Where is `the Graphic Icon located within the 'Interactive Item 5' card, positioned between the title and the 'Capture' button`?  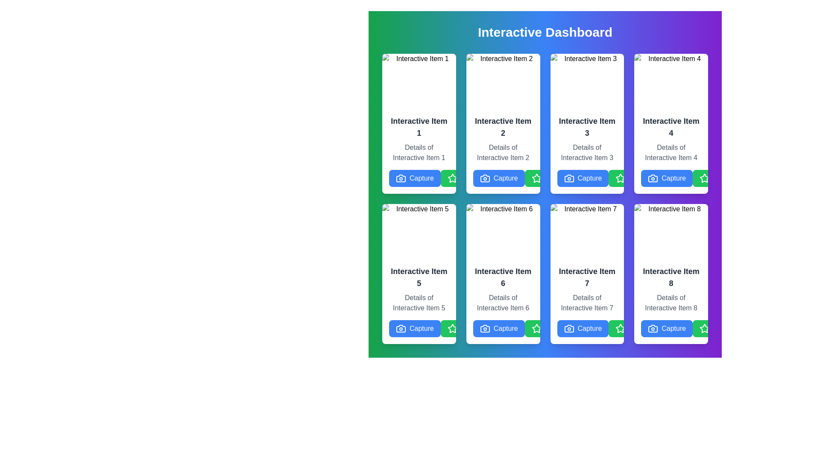
the Graphic Icon located within the 'Interactive Item 5' card, positioned between the title and the 'Capture' button is located at coordinates (401, 328).